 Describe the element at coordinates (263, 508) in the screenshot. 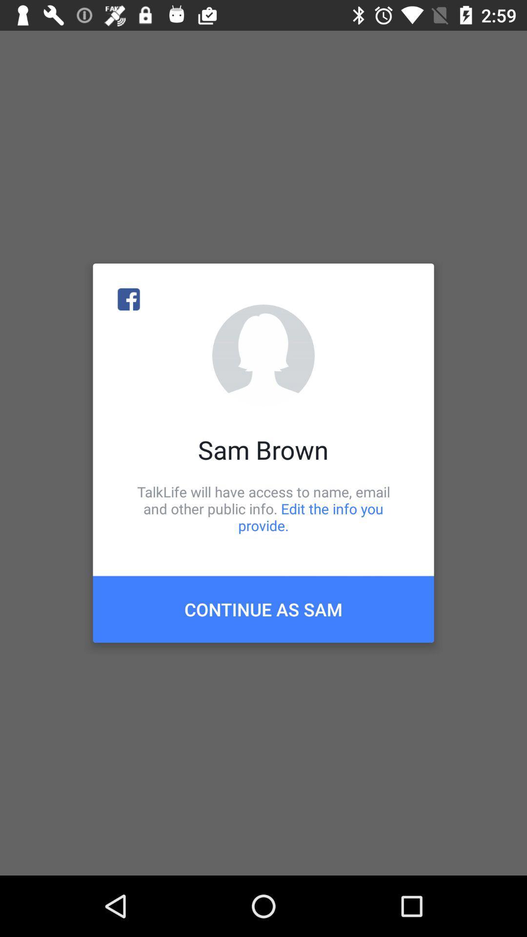

I see `the talklife will have` at that location.